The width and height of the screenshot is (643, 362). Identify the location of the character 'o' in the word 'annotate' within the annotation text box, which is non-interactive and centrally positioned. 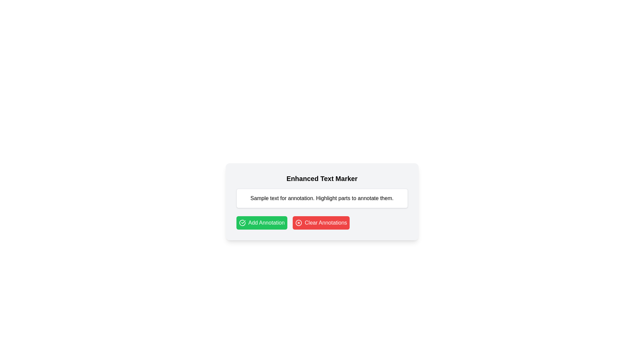
(368, 198).